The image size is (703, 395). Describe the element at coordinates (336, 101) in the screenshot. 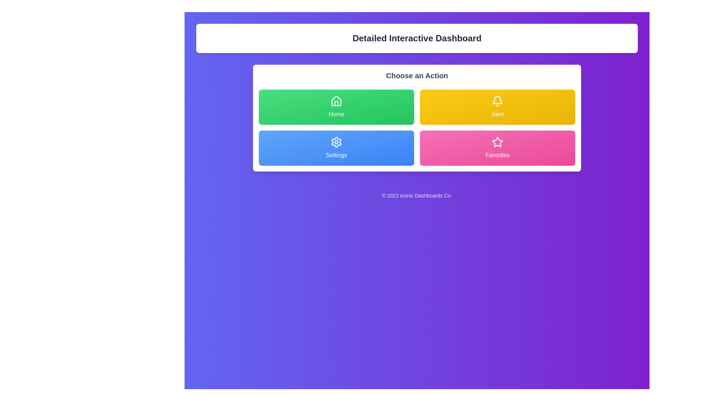

I see `the stylized house icon located in the center of the green 'Home' button, which is part of a grid layout on a white card with a violet background` at that location.